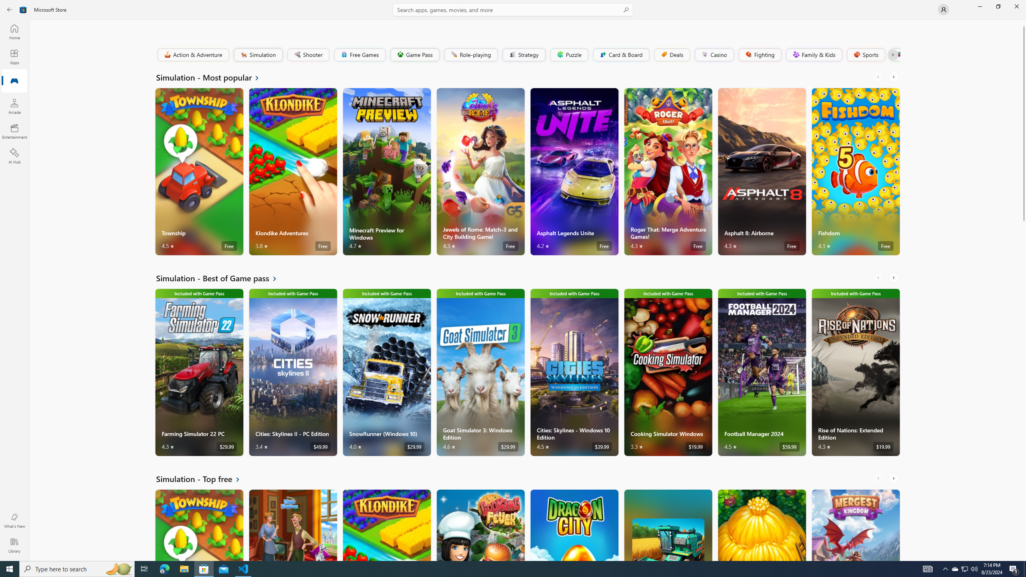 This screenshot has height=577, width=1026. I want to click on 'Platformer', so click(894, 54).